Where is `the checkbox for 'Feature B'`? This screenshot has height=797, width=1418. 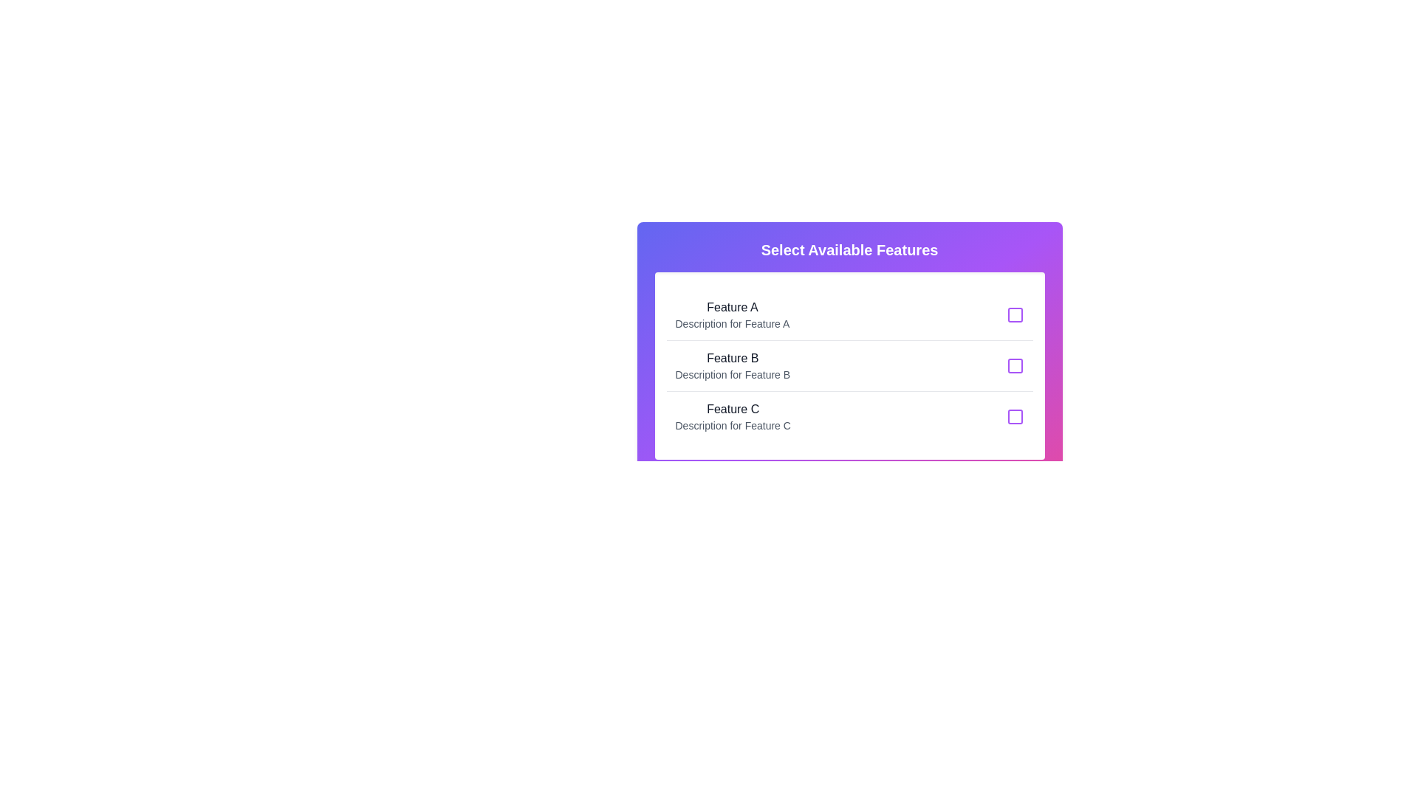 the checkbox for 'Feature B' is located at coordinates (1014, 365).